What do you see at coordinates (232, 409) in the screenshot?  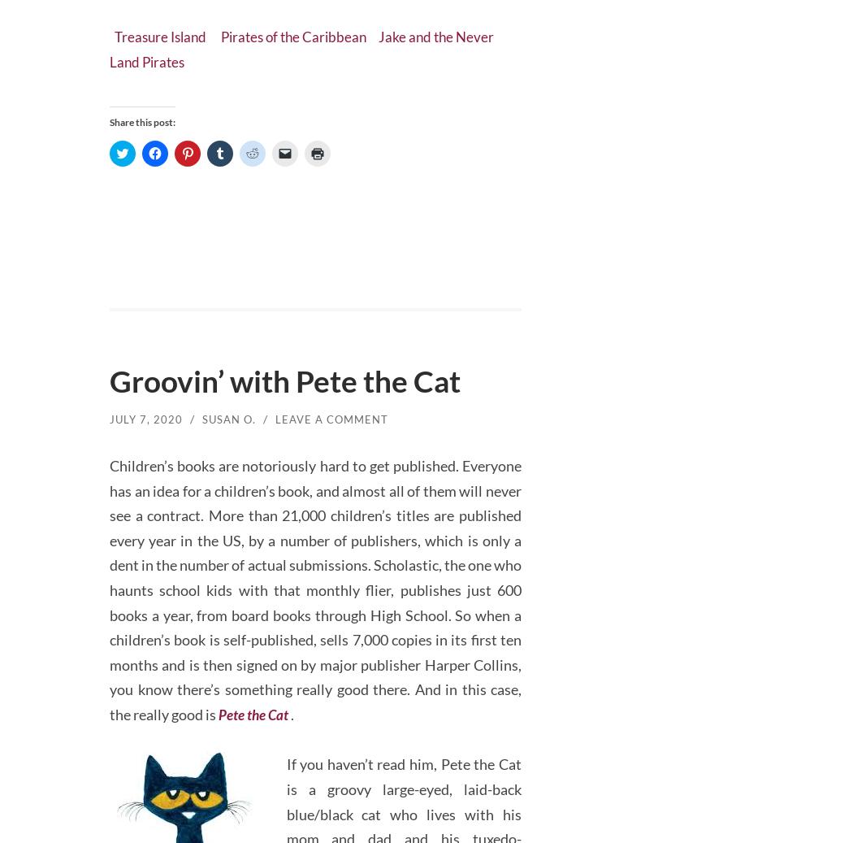 I see `'Susan O.'` at bounding box center [232, 409].